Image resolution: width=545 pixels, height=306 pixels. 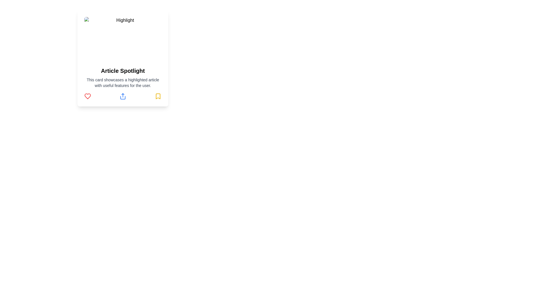 What do you see at coordinates (122, 83) in the screenshot?
I see `the short gray text directly beneath the 'Article Spotlight' title in the card layout` at bounding box center [122, 83].